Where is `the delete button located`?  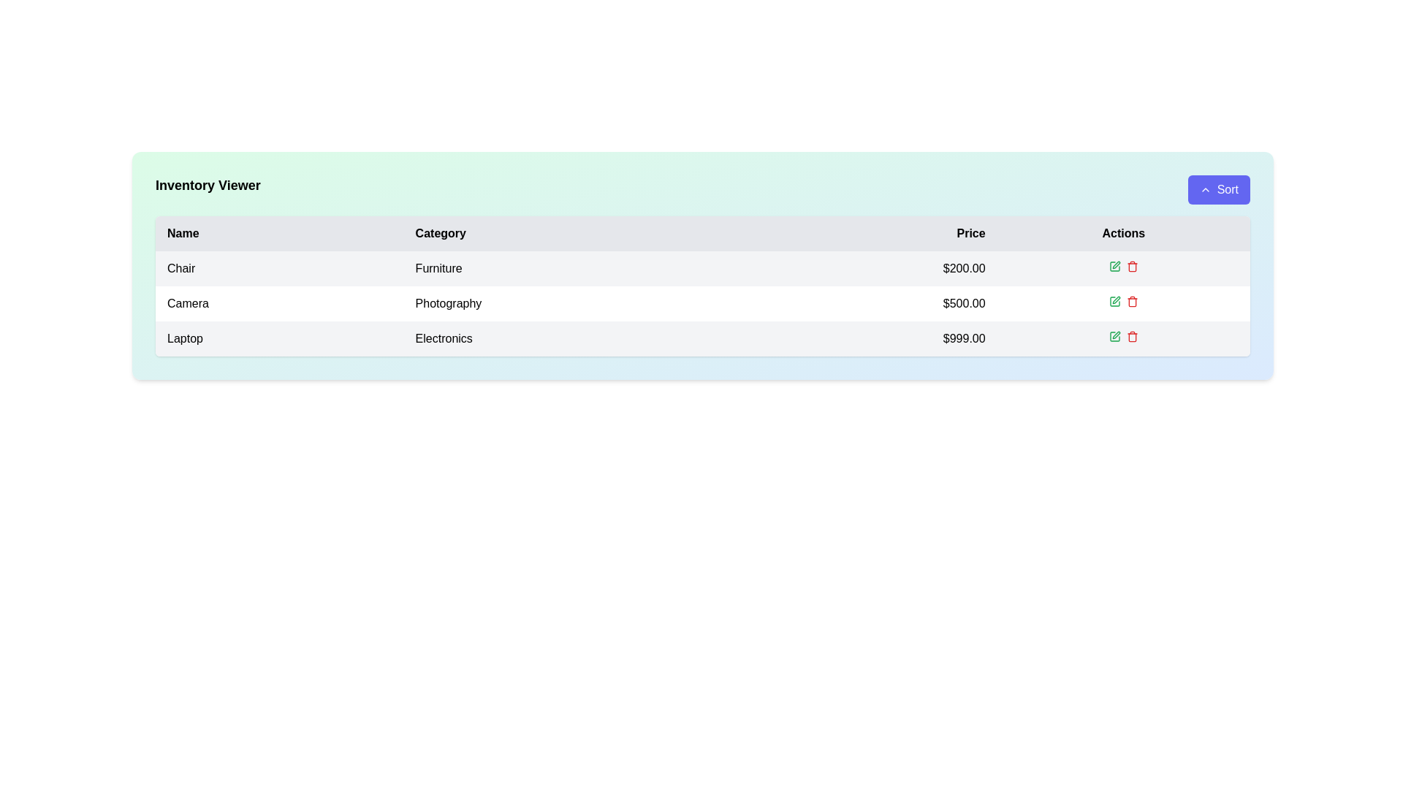 the delete button located is located at coordinates (1131, 337).